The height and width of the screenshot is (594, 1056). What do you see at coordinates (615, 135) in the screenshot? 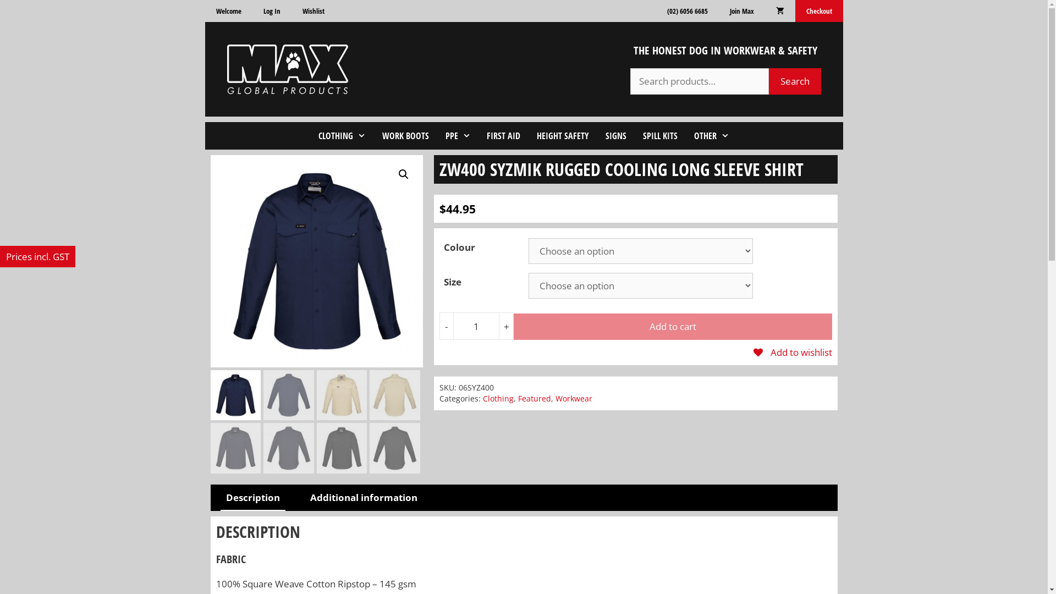
I see `'SIGNS'` at bounding box center [615, 135].